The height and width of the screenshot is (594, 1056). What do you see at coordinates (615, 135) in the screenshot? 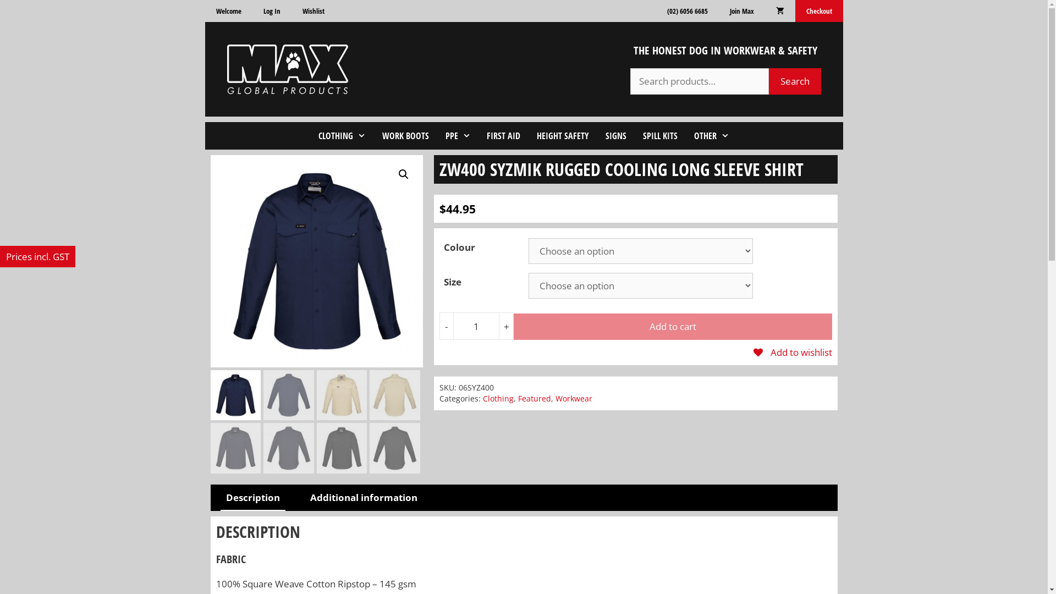
I see `'SIGNS'` at bounding box center [615, 135].